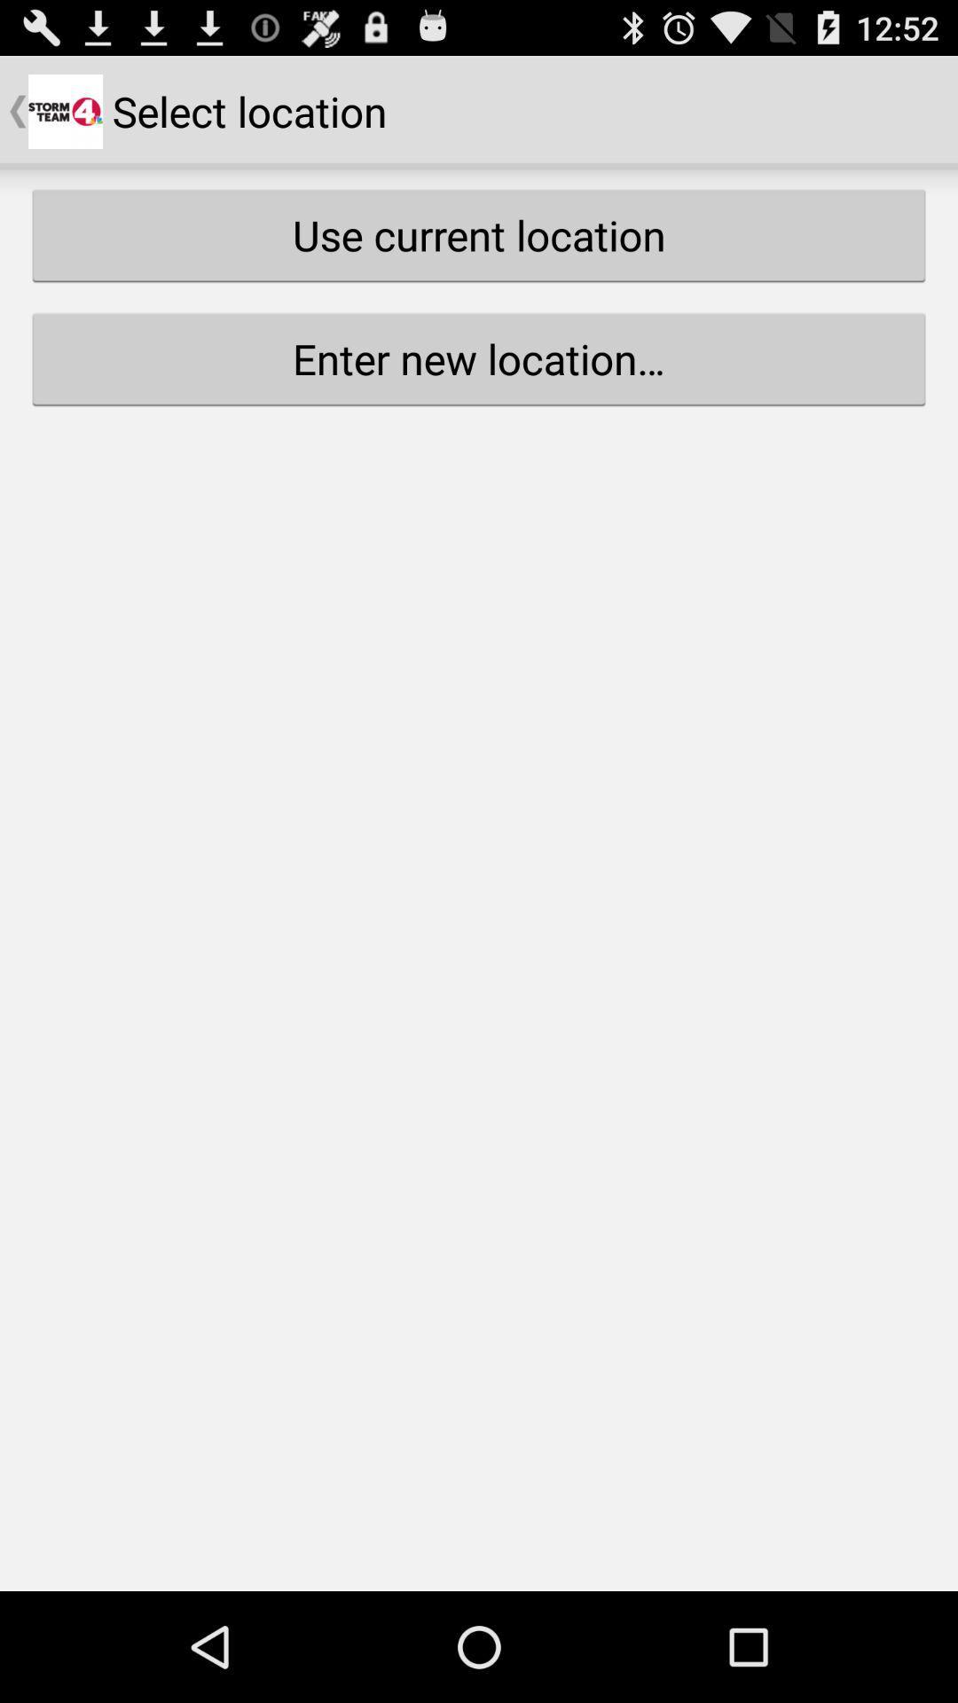 The height and width of the screenshot is (1703, 958). Describe the element at coordinates (479, 357) in the screenshot. I see `the item below use current location` at that location.